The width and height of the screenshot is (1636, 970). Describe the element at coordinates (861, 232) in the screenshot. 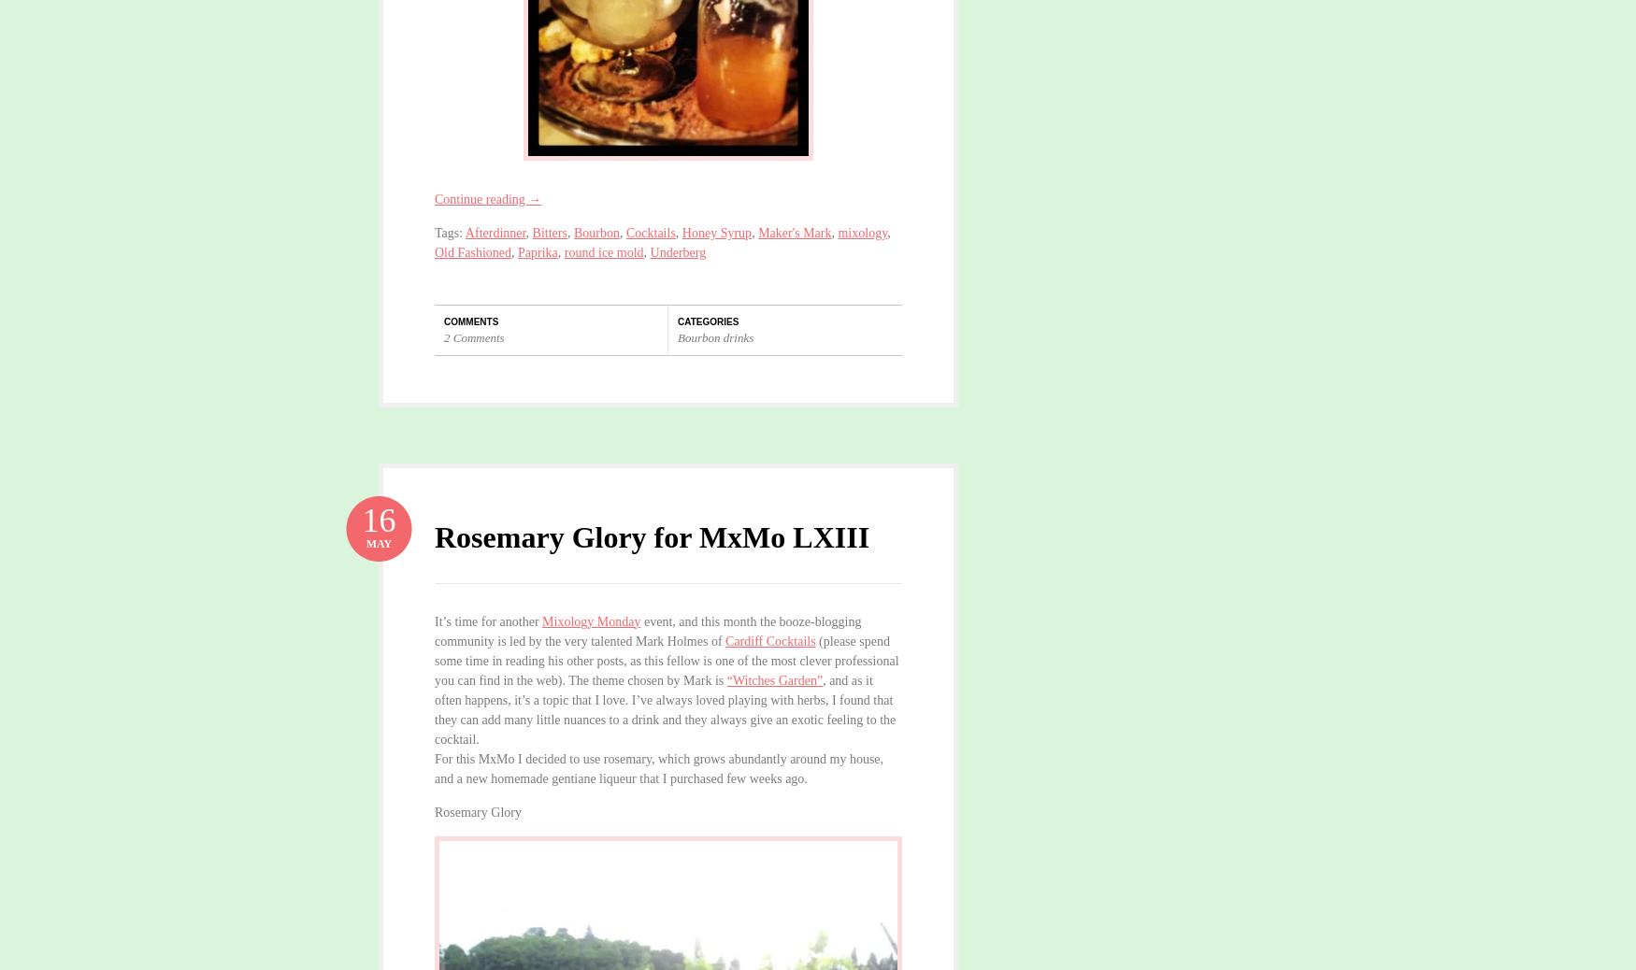

I see `'mixology'` at that location.